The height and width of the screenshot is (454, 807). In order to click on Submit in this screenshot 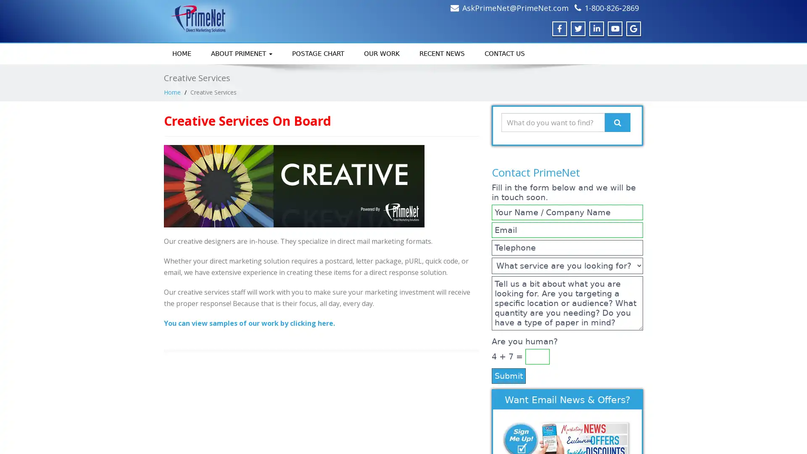, I will do `click(508, 375)`.